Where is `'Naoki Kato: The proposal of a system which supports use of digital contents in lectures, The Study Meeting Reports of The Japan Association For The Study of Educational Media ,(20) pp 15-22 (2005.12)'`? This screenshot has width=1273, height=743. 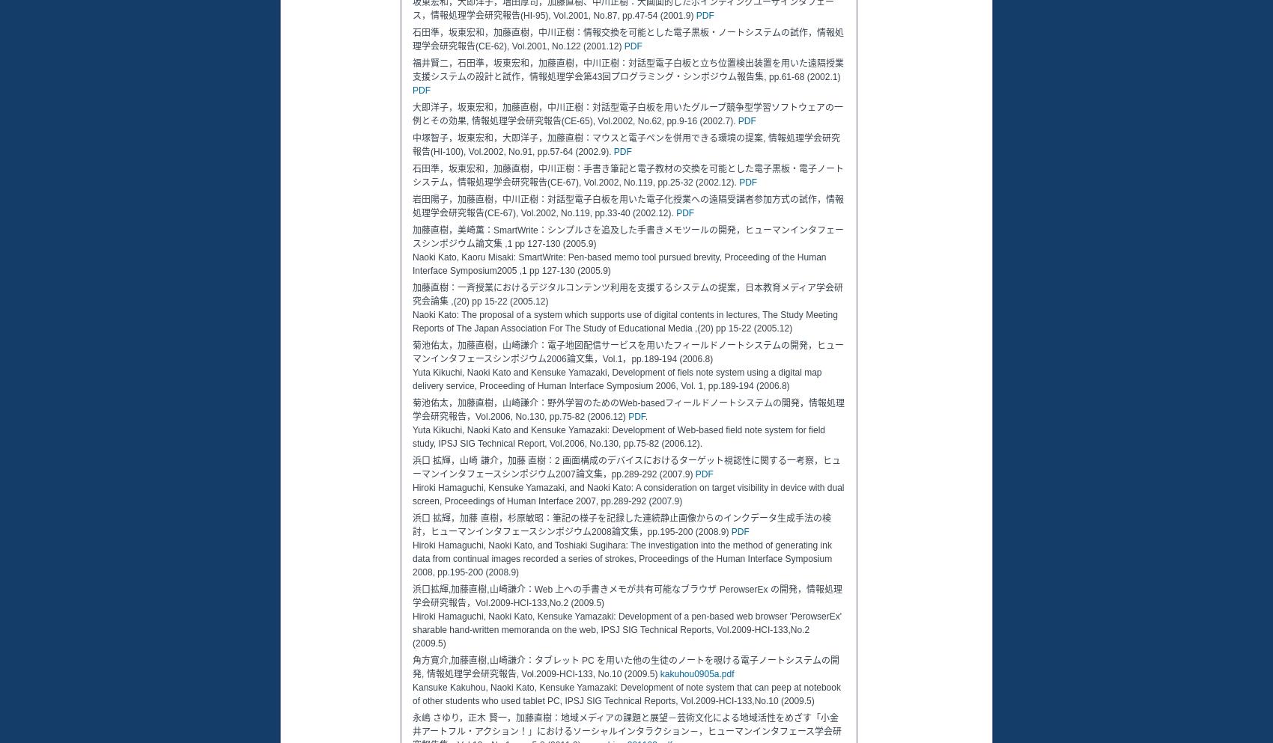
'Naoki Kato: The proposal of a system which supports use of digital contents in lectures, The Study Meeting Reports of The Japan Association For The Study of Educational Media ,(20) pp 15-22 (2005.12)' is located at coordinates (411, 321).